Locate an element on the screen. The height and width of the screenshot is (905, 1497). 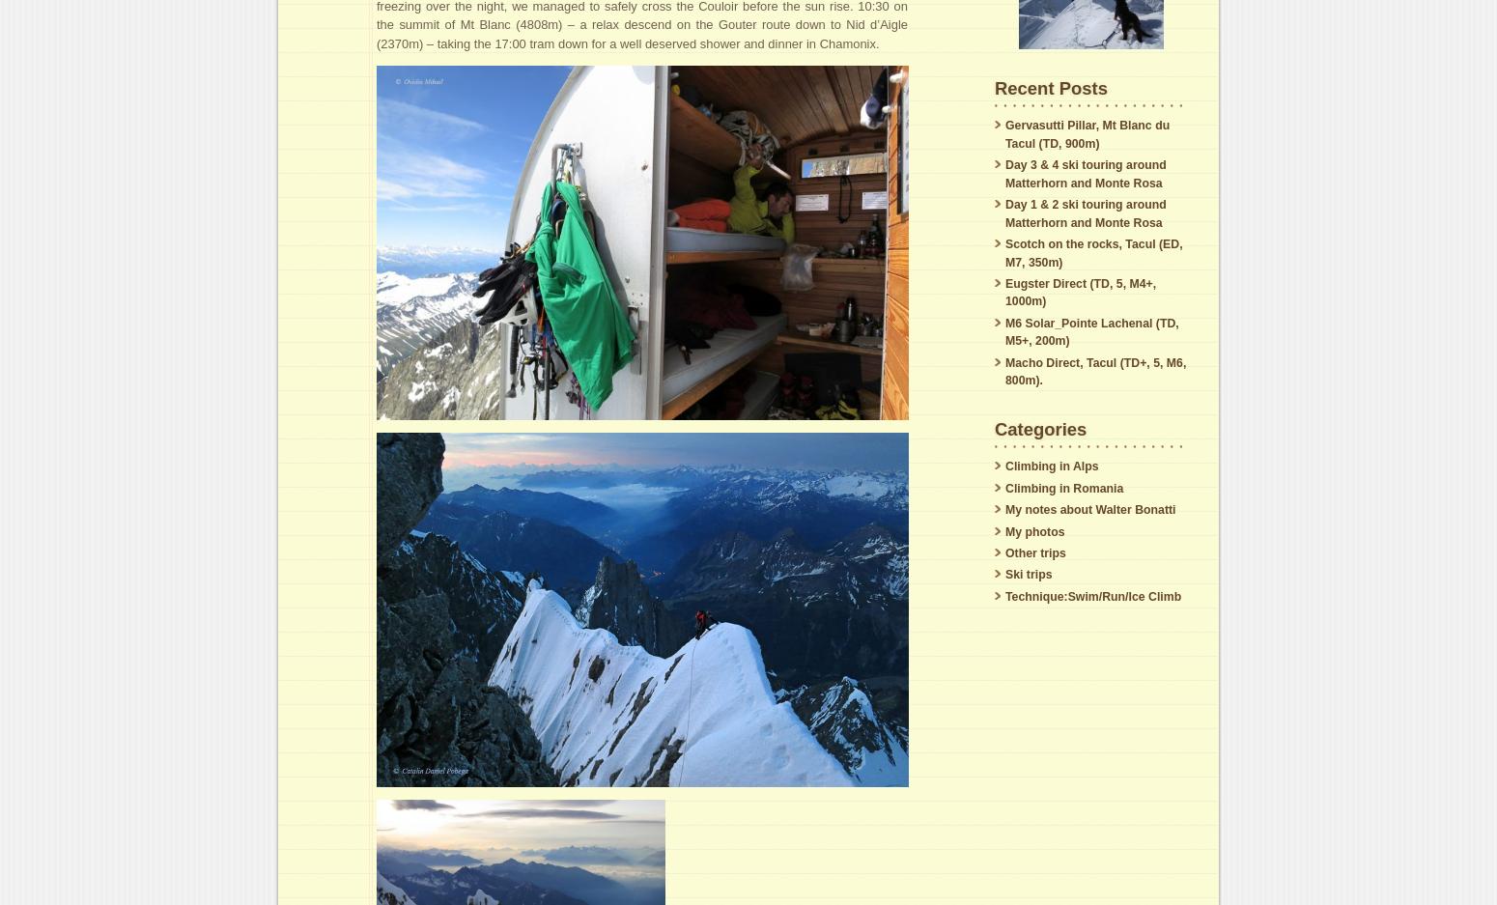
'Other trips' is located at coordinates (1004, 552).